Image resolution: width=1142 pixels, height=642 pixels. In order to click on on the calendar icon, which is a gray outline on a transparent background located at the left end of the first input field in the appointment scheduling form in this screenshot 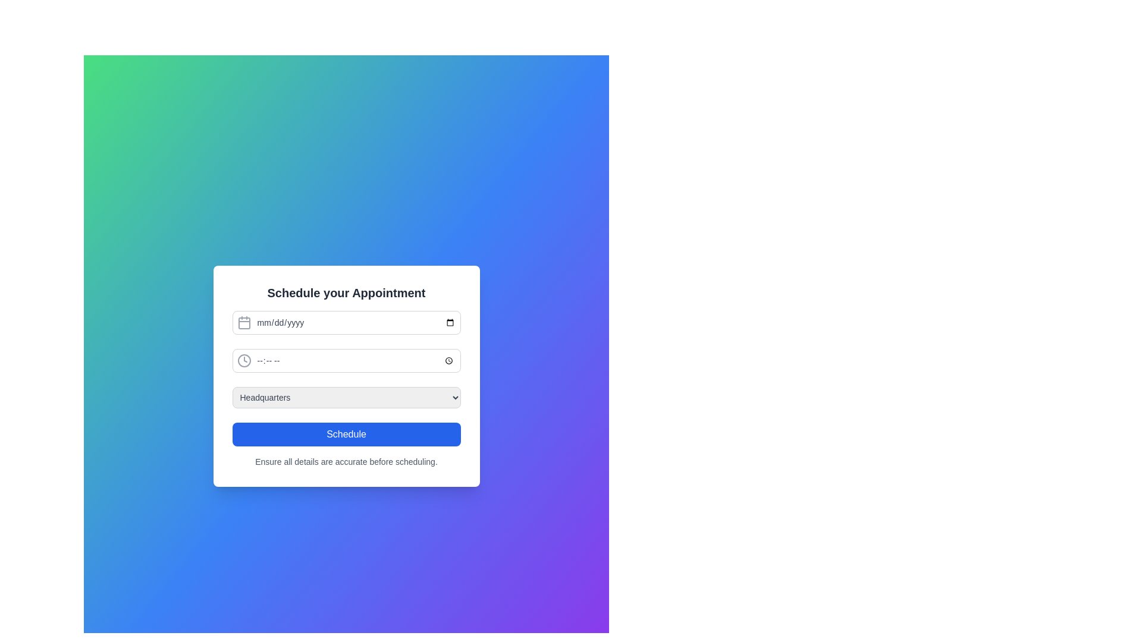, I will do `click(243, 323)`.